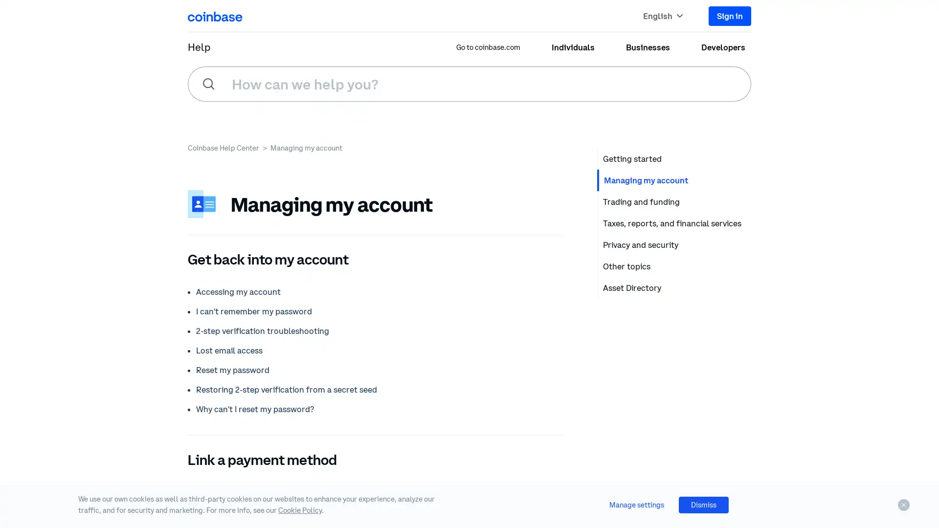 The height and width of the screenshot is (528, 939). Describe the element at coordinates (573, 47) in the screenshot. I see `Individuals` at that location.